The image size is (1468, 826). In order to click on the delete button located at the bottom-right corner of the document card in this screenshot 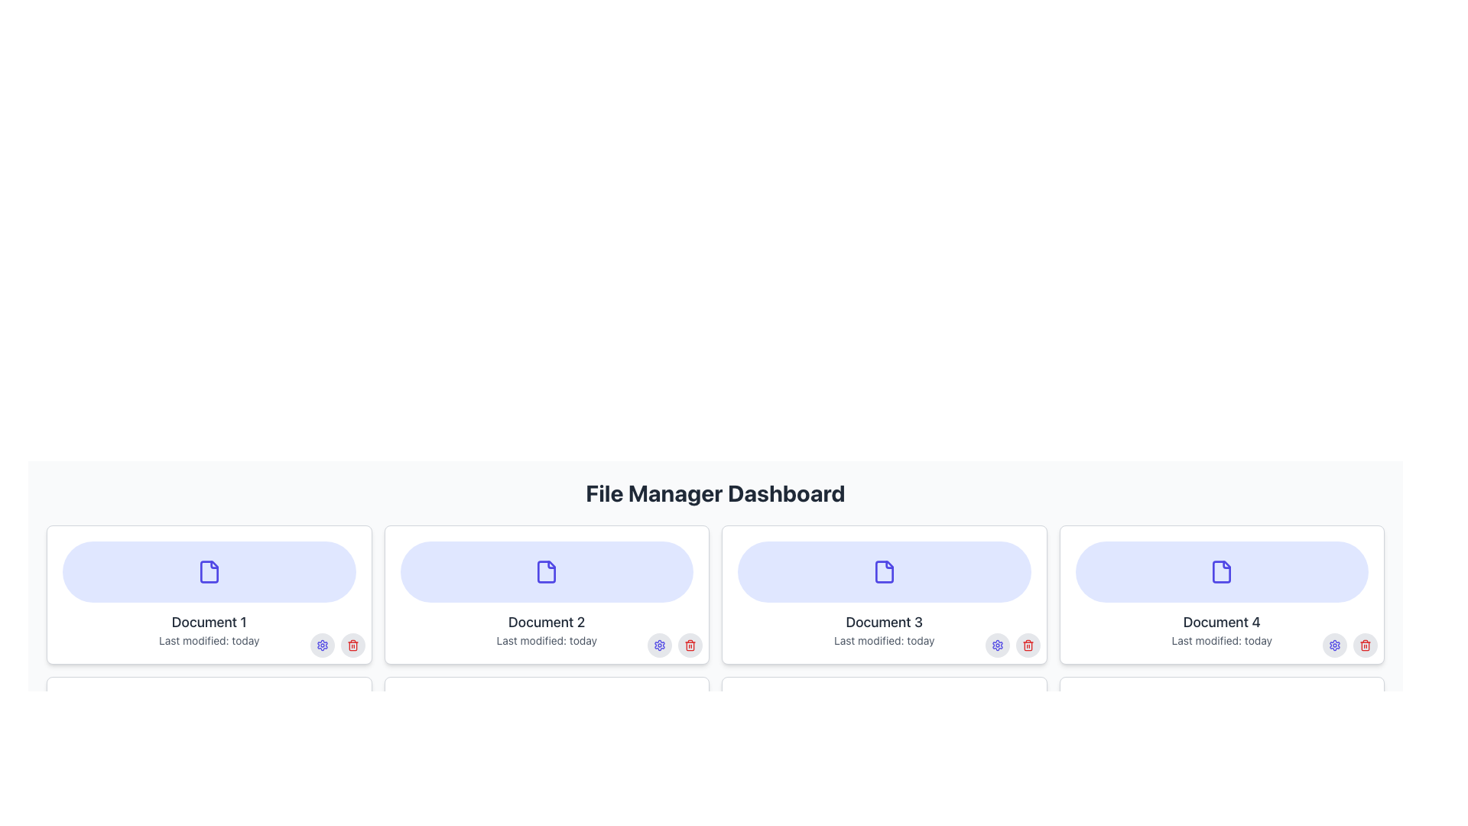, I will do `click(352, 795)`.